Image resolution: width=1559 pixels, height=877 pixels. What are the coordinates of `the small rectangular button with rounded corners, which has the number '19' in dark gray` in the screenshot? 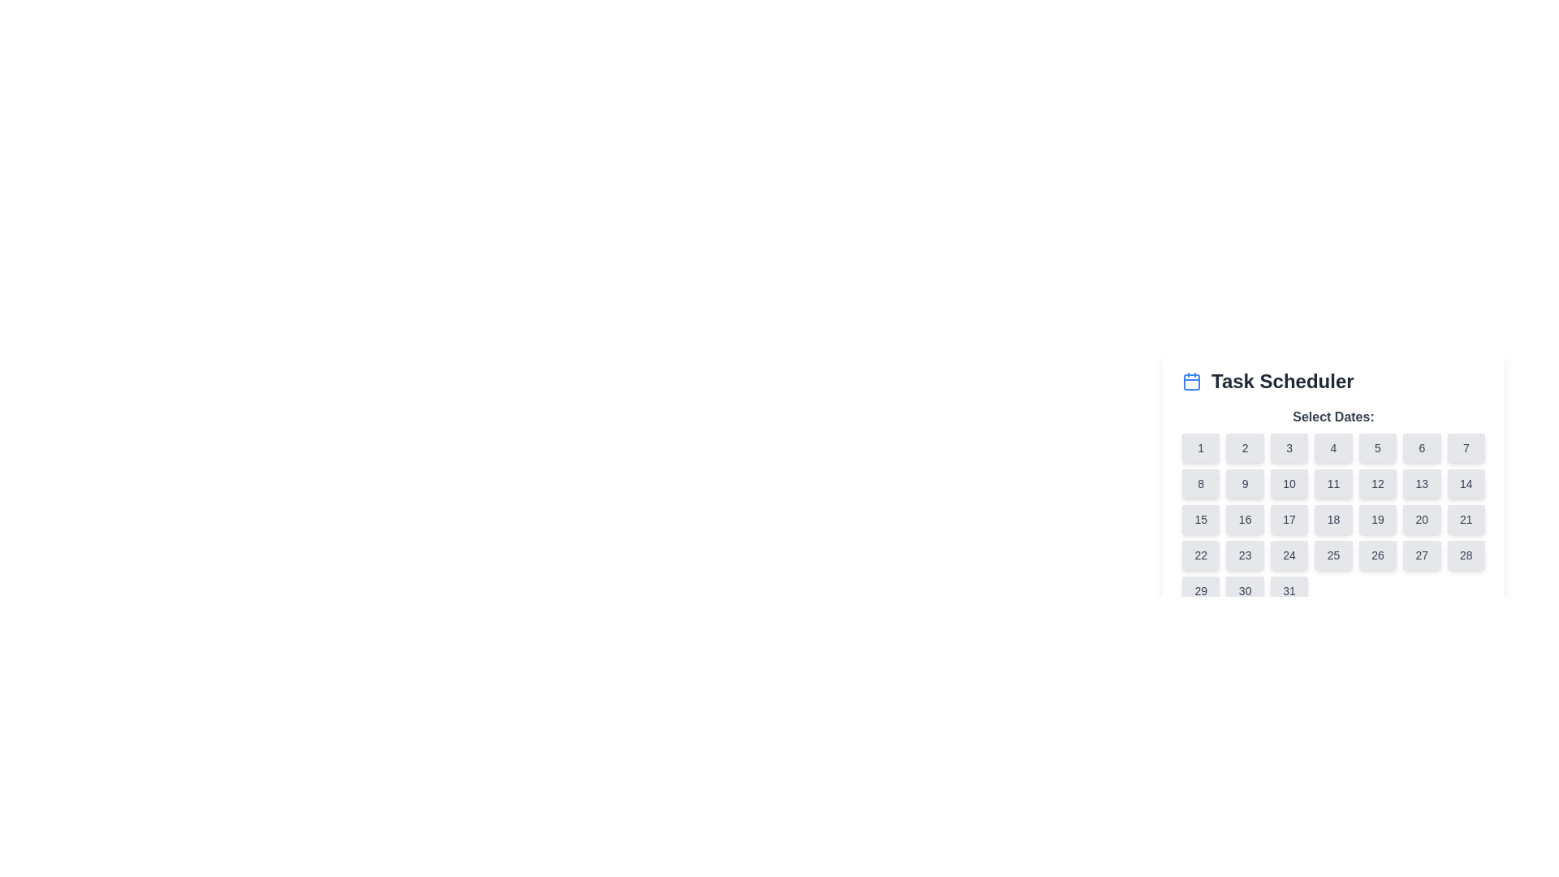 It's located at (1375, 520).